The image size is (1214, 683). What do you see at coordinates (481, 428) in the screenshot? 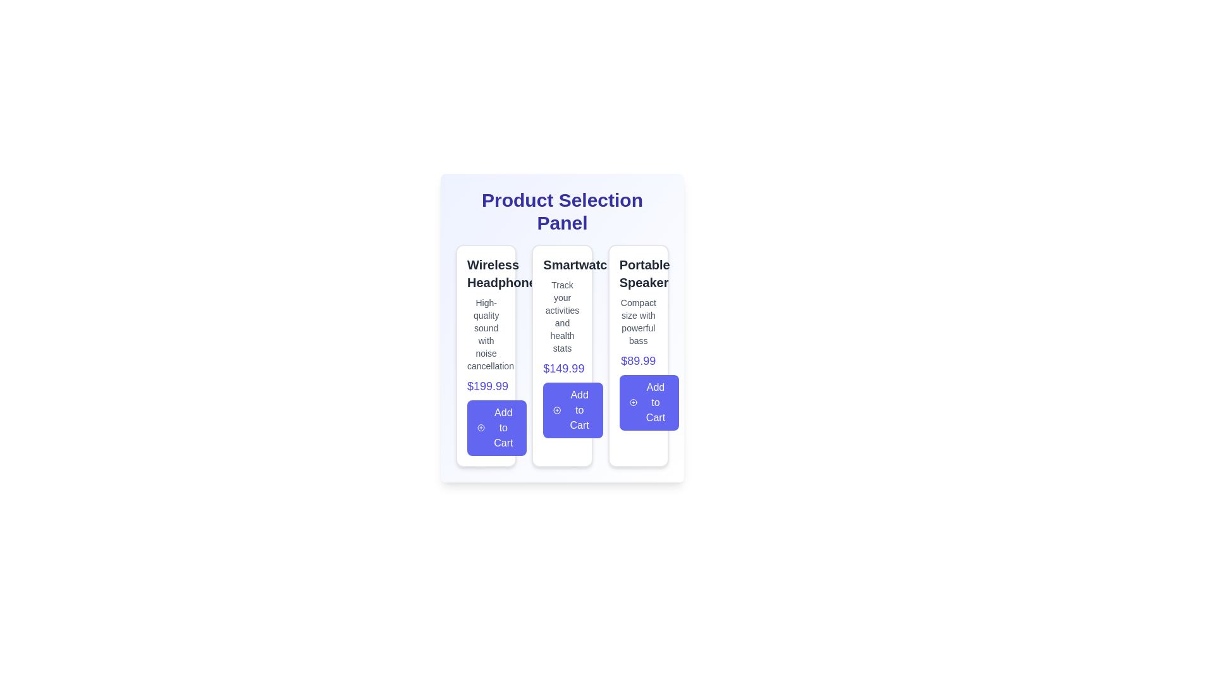
I see `the circular icon with a plus symbol at its center, which is part of the 'Add to Cart' button for the 'Wireless Headphone' product card` at bounding box center [481, 428].